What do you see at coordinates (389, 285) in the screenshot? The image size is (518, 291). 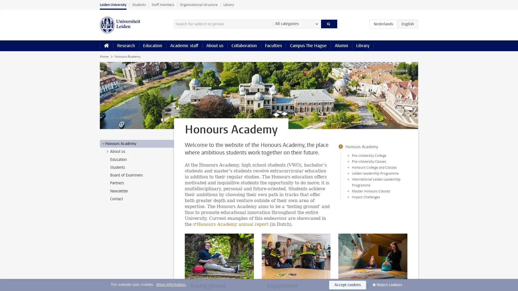 I see `Reject cookies` at bounding box center [389, 285].